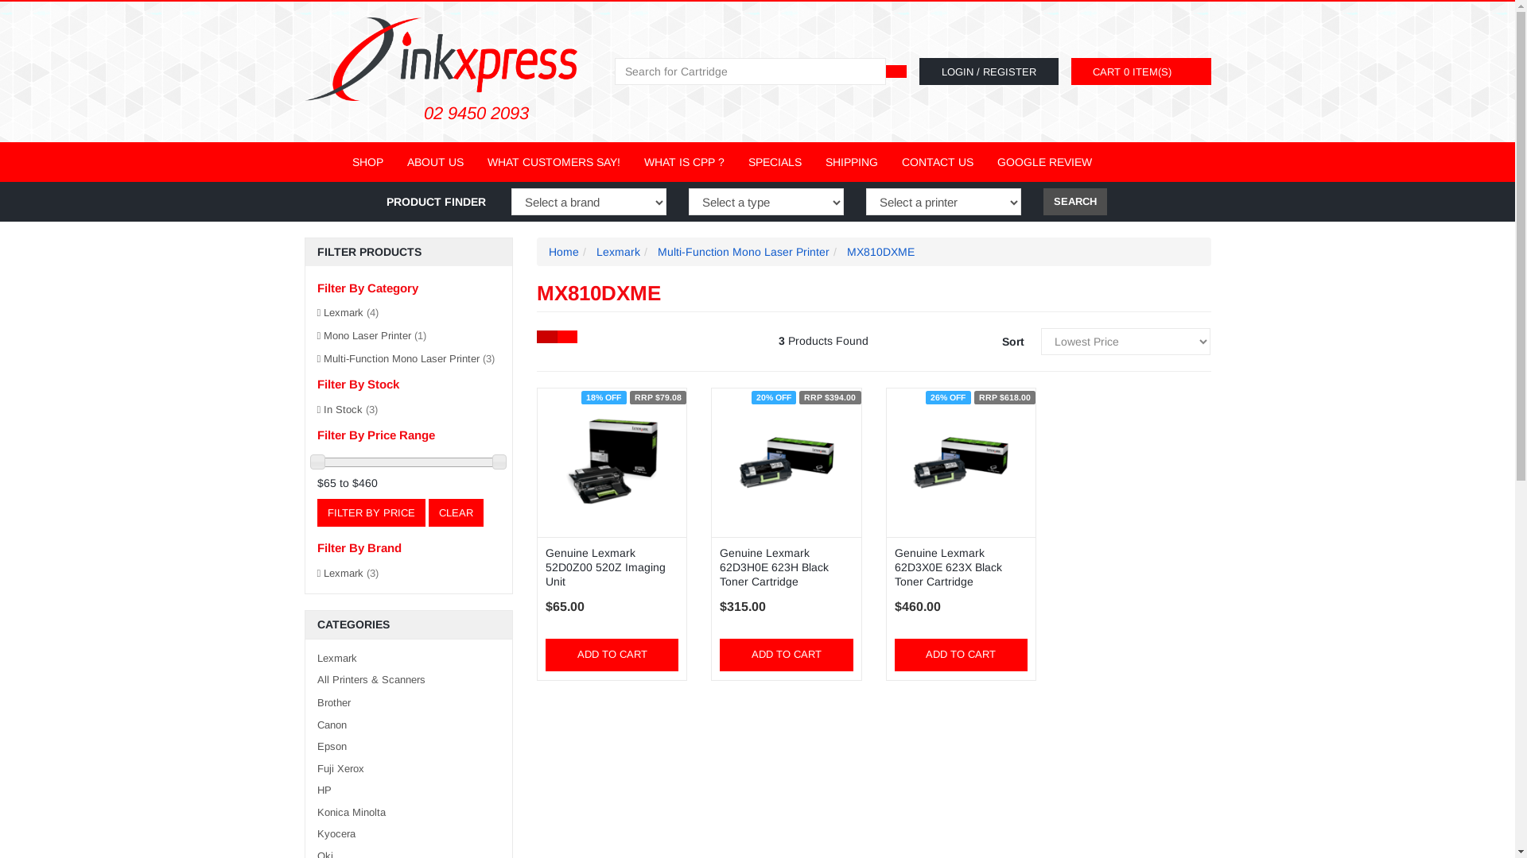  What do you see at coordinates (409, 679) in the screenshot?
I see `'All Printers & Scanners'` at bounding box center [409, 679].